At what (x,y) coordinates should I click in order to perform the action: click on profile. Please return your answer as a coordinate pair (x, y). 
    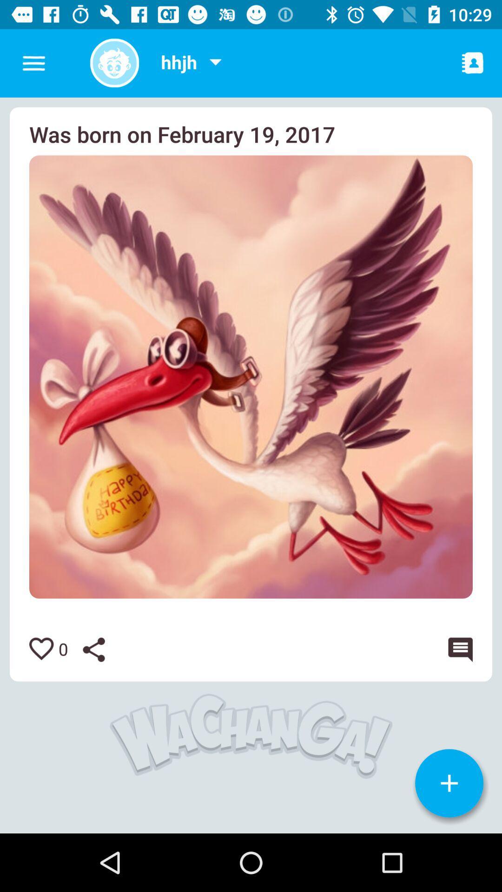
    Looking at the image, I should click on (114, 62).